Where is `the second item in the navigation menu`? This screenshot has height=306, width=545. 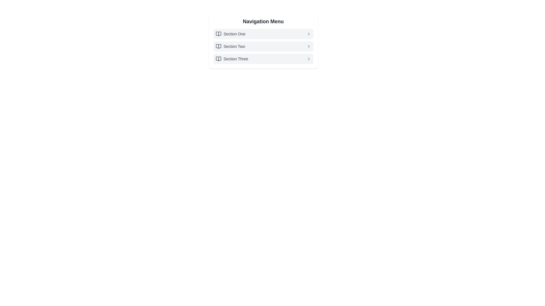 the second item in the navigation menu is located at coordinates (263, 46).